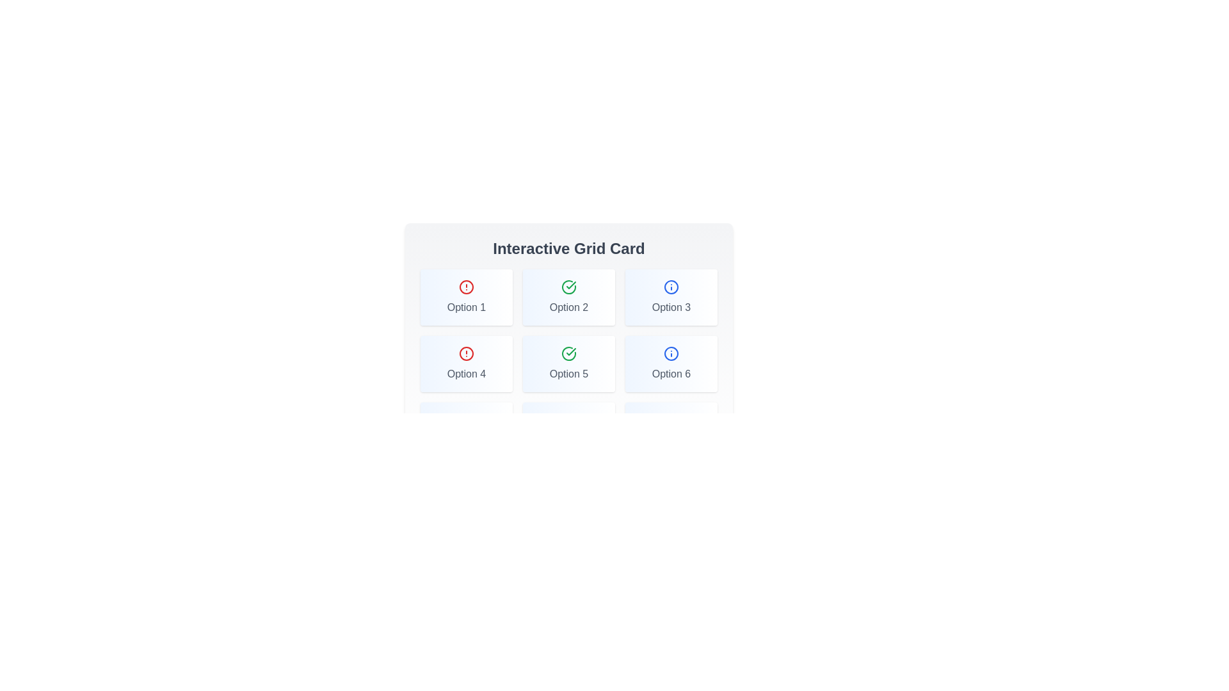  Describe the element at coordinates (671, 353) in the screenshot. I see `the circular outline of the information symbol located at the center of the bottom-right tile in a 3x2 grid card layout` at that location.